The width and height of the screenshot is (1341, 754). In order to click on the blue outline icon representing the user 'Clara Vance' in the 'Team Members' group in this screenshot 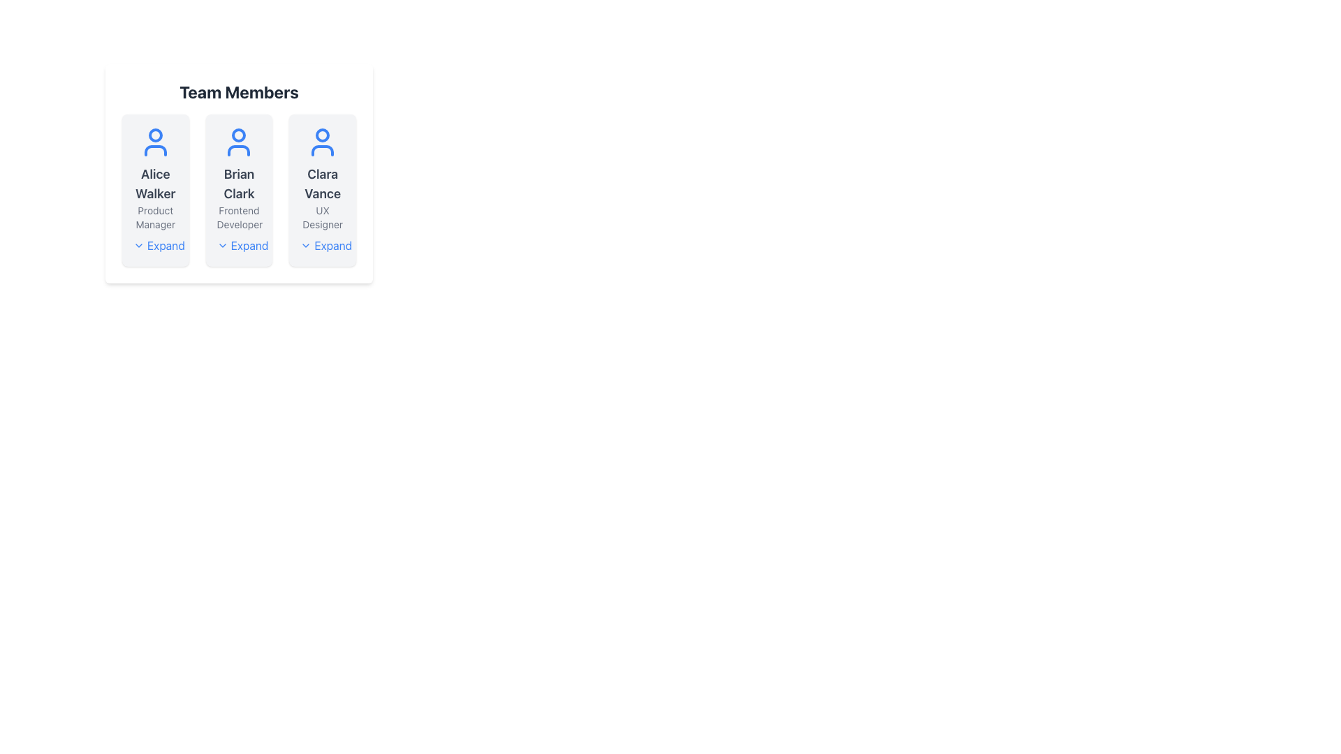, I will do `click(322, 142)`.